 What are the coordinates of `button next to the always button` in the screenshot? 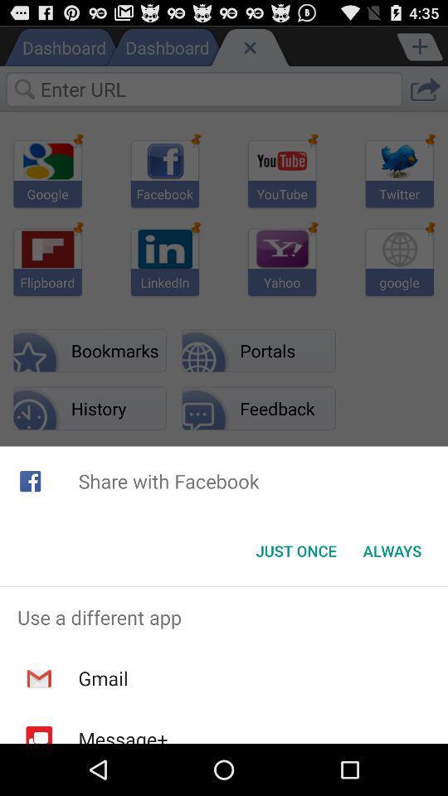 It's located at (295, 551).